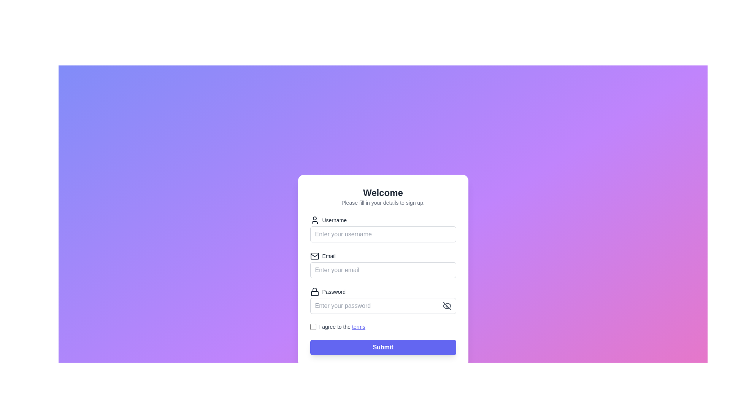 The image size is (730, 411). I want to click on the static text element that provides instructions to the user about the purpose of the form, located directly below the 'Welcome' header, so click(383, 202).